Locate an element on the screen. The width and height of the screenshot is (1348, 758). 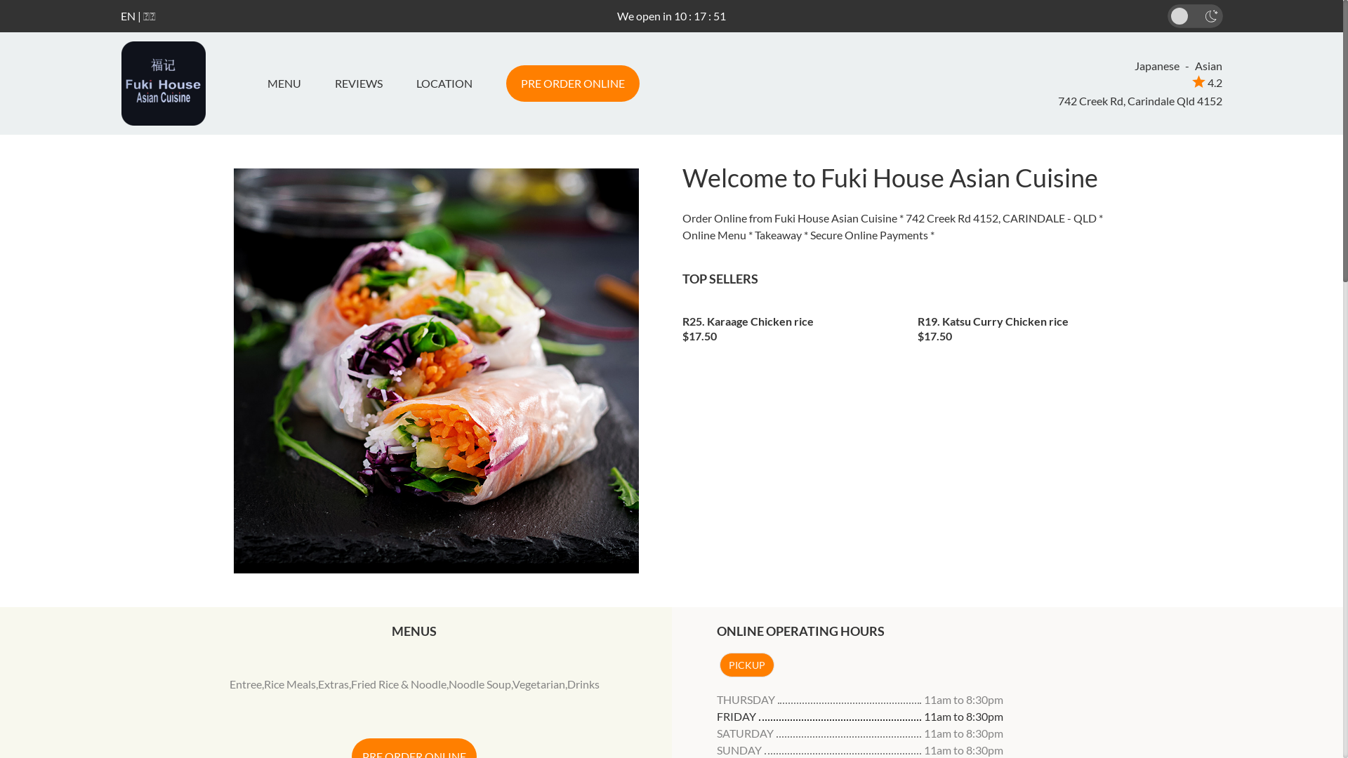
'Extras' is located at coordinates (333, 683).